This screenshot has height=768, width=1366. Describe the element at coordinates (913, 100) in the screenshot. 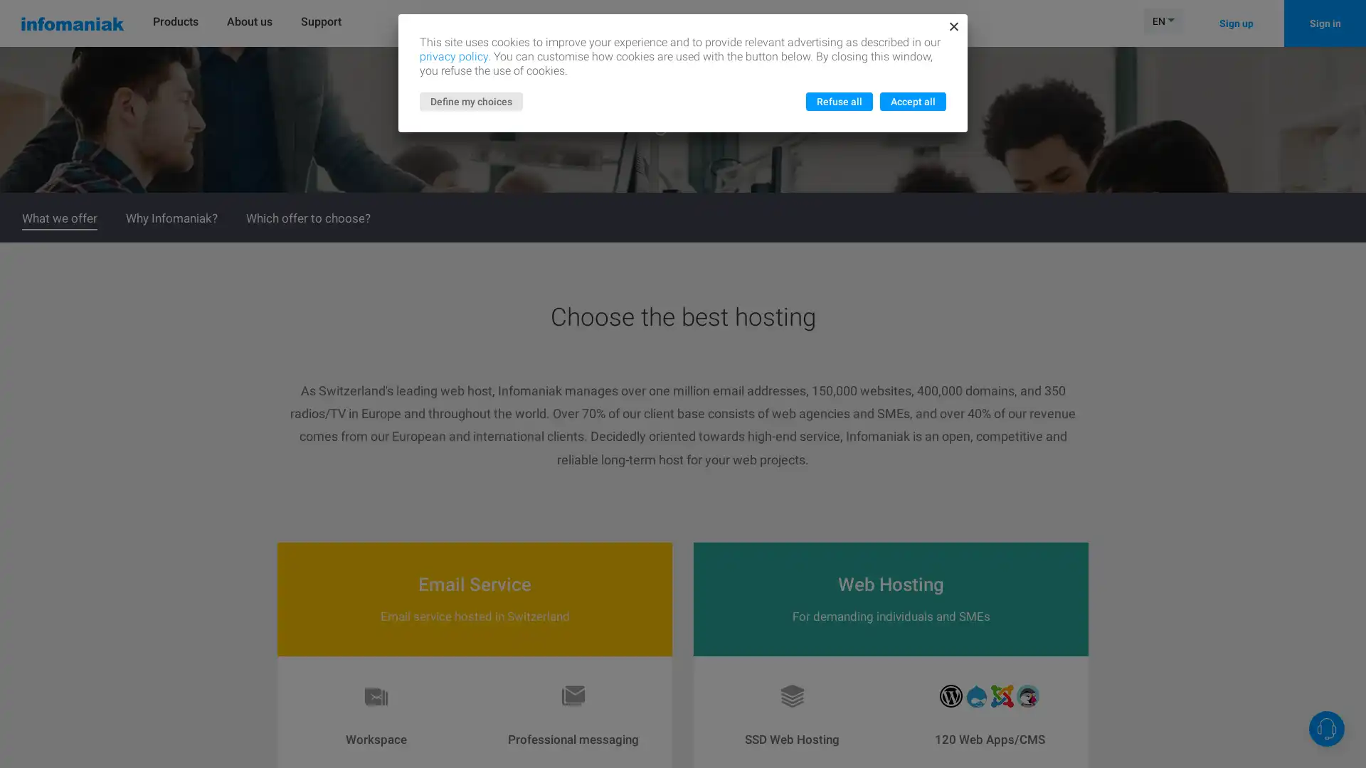

I see `Accept all` at that location.